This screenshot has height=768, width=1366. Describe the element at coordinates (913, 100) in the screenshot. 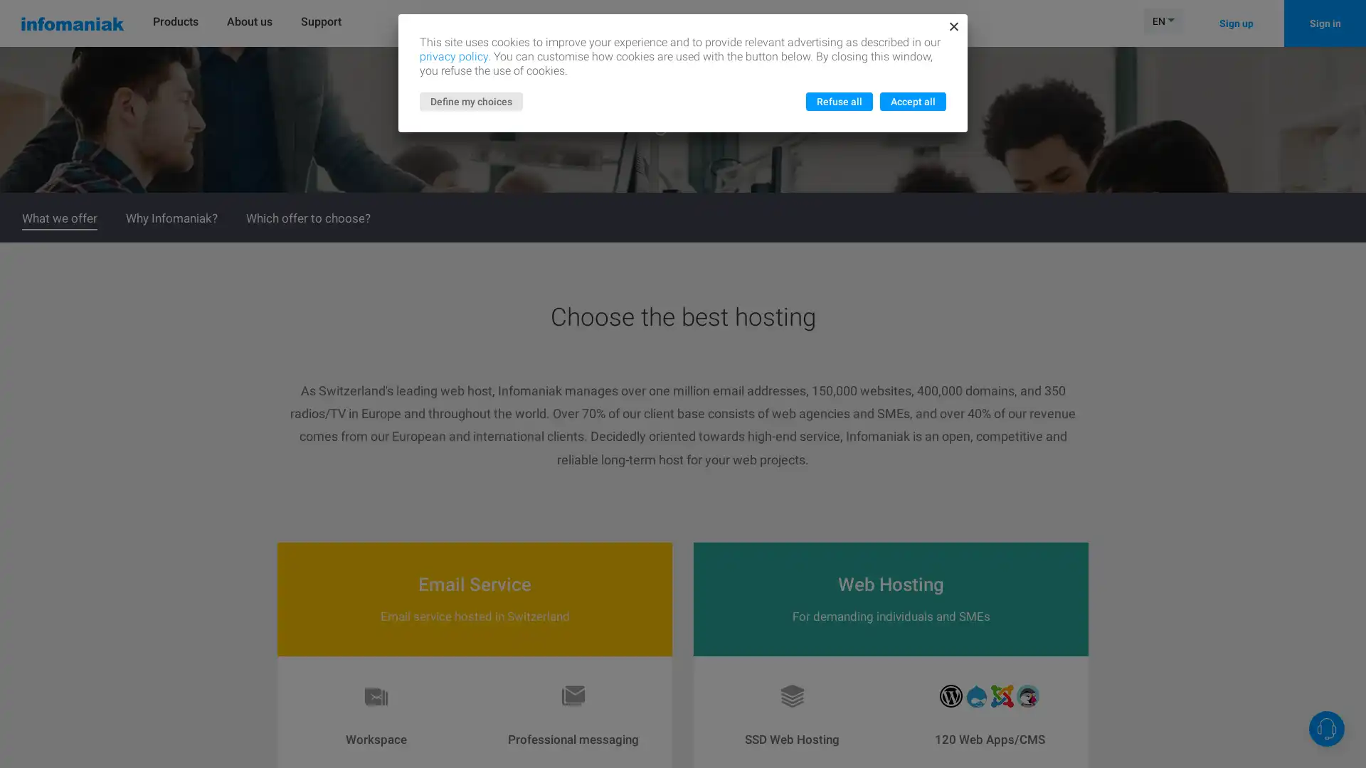

I see `Accept all` at that location.